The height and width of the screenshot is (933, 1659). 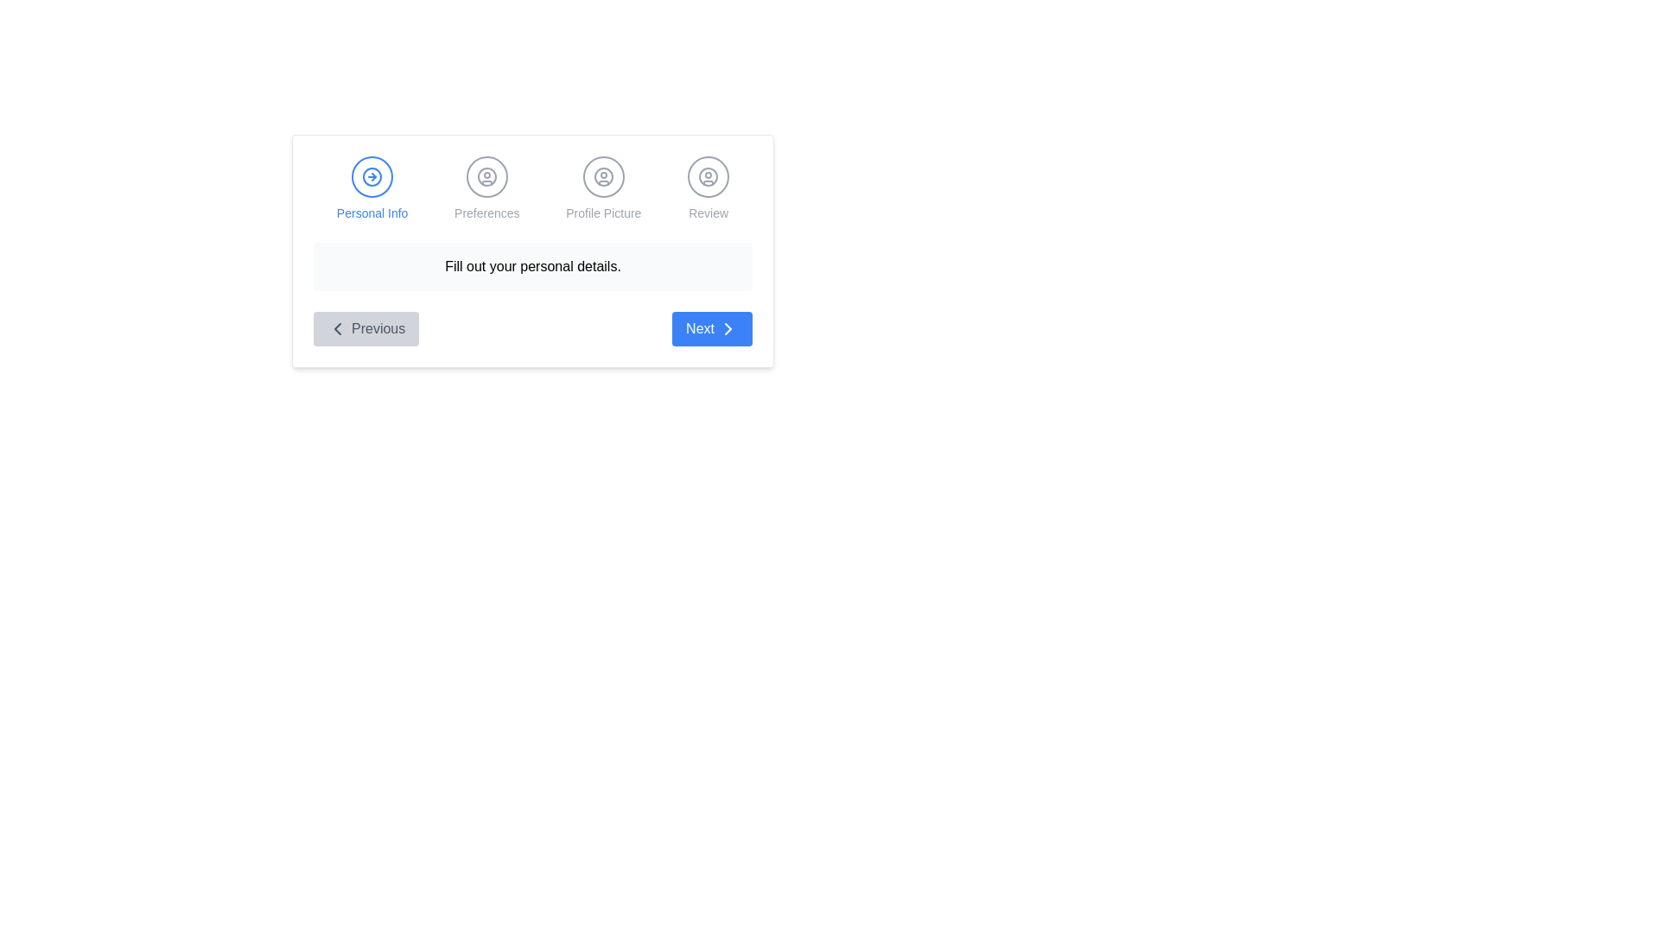 I want to click on the 'Preferences' navigation item located in the horizontal navigation bar, positioned between 'Personal Info' and 'Profile Picture', so click(x=486, y=189).